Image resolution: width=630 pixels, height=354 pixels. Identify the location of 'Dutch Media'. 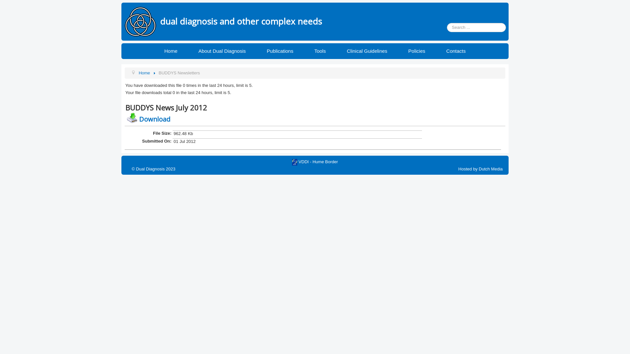
(491, 168).